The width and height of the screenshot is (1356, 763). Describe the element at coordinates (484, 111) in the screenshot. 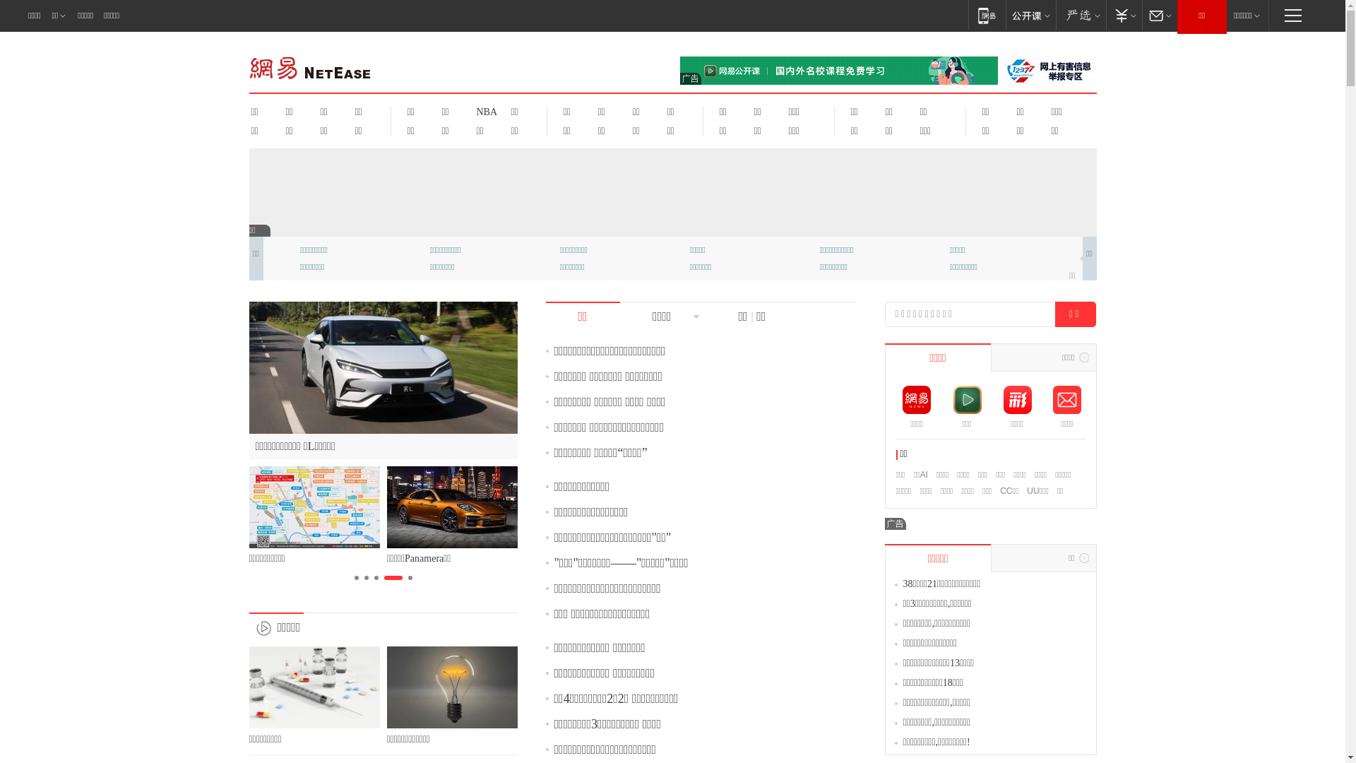

I see `'NBA'` at that location.